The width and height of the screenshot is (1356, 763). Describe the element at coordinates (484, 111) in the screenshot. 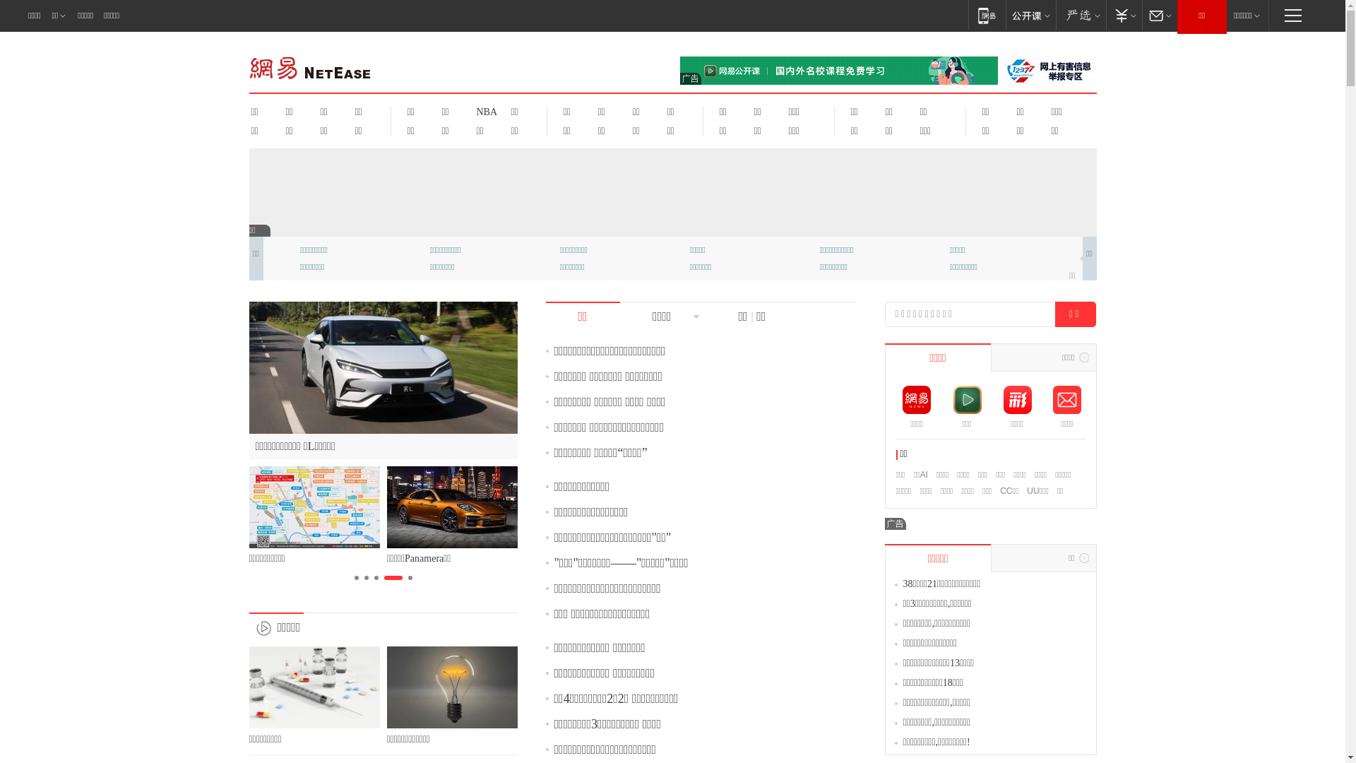

I see `'NBA'` at that location.